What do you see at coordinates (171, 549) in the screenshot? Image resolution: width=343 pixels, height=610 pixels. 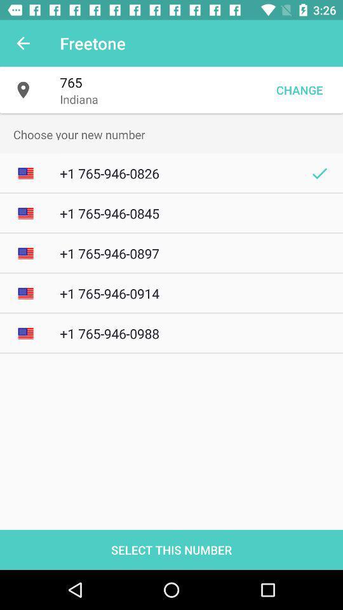 I see `the select this number icon` at bounding box center [171, 549].